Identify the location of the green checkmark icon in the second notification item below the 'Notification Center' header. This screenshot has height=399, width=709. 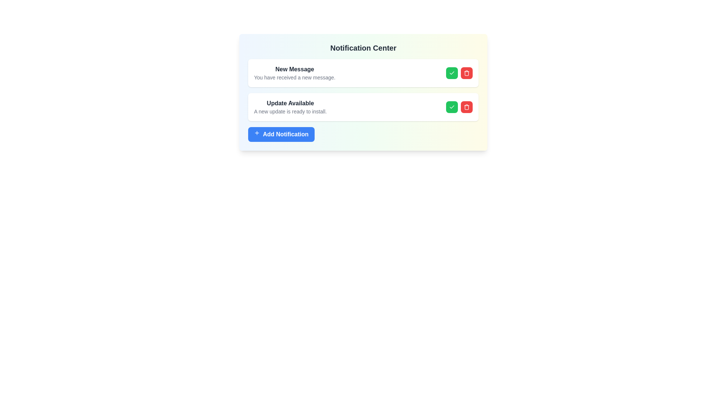
(452, 107).